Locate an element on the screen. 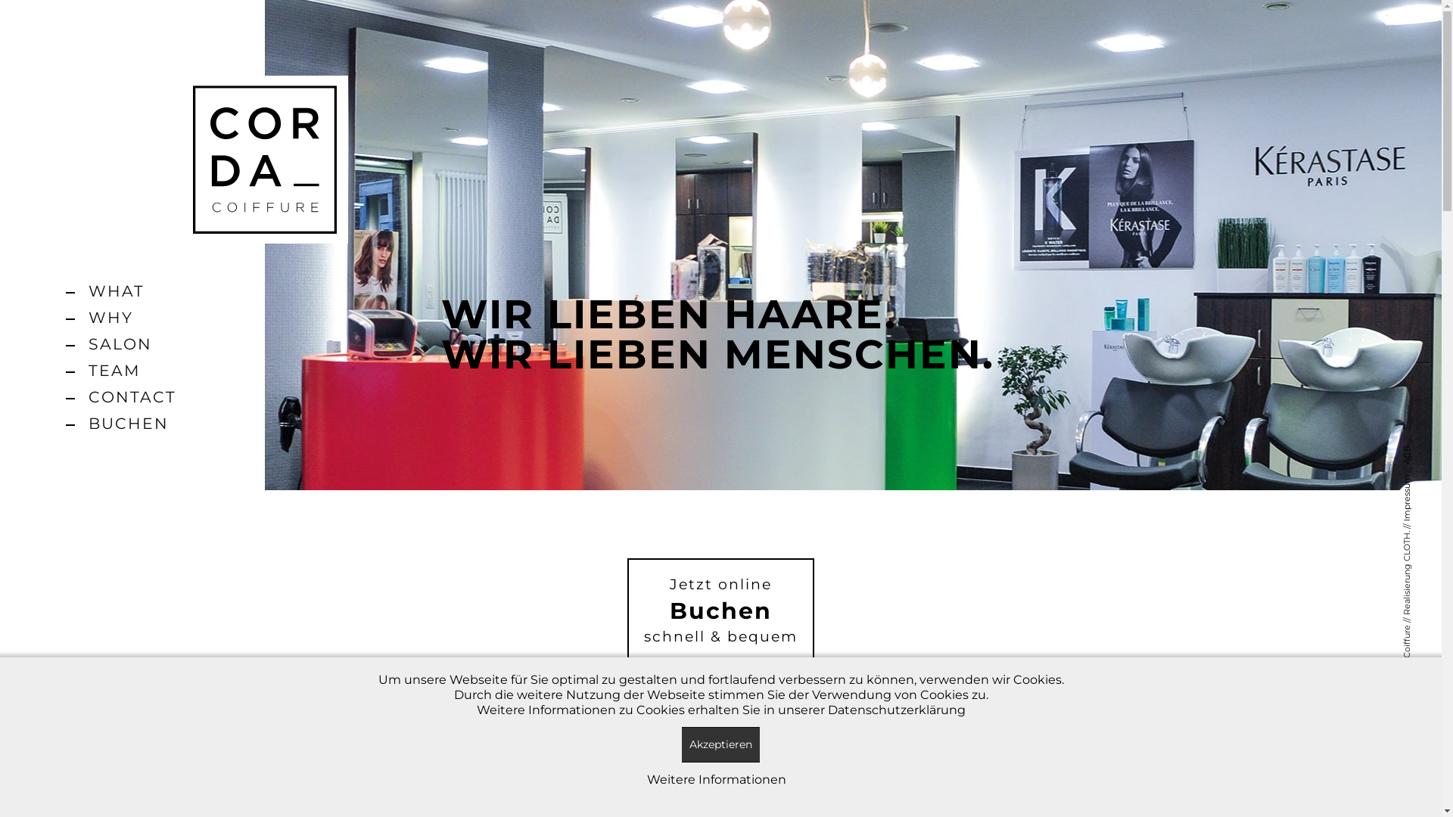  'TEAM' is located at coordinates (132, 370).